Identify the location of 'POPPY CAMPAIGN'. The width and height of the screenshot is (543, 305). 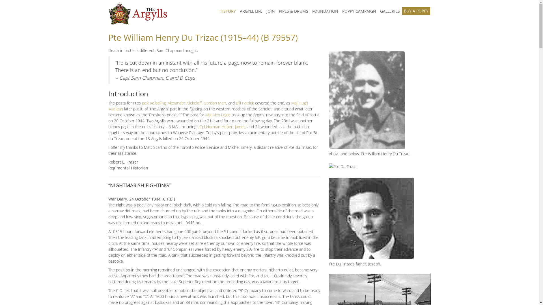
(358, 11).